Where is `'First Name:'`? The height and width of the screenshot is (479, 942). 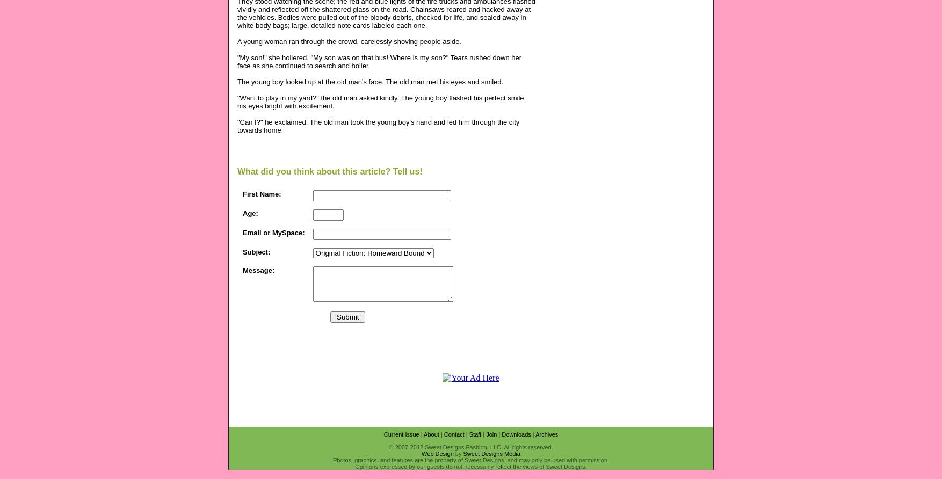 'First Name:' is located at coordinates (242, 193).